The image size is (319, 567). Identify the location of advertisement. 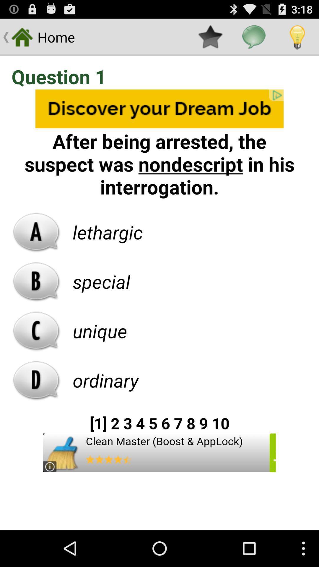
(159, 452).